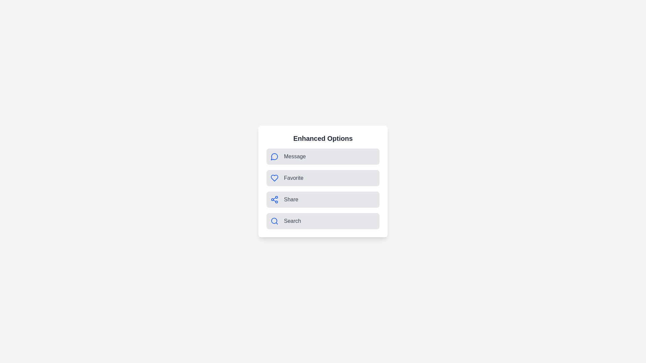 Image resolution: width=646 pixels, height=363 pixels. What do you see at coordinates (323, 177) in the screenshot?
I see `the Favorite option to observe visual feedback` at bounding box center [323, 177].